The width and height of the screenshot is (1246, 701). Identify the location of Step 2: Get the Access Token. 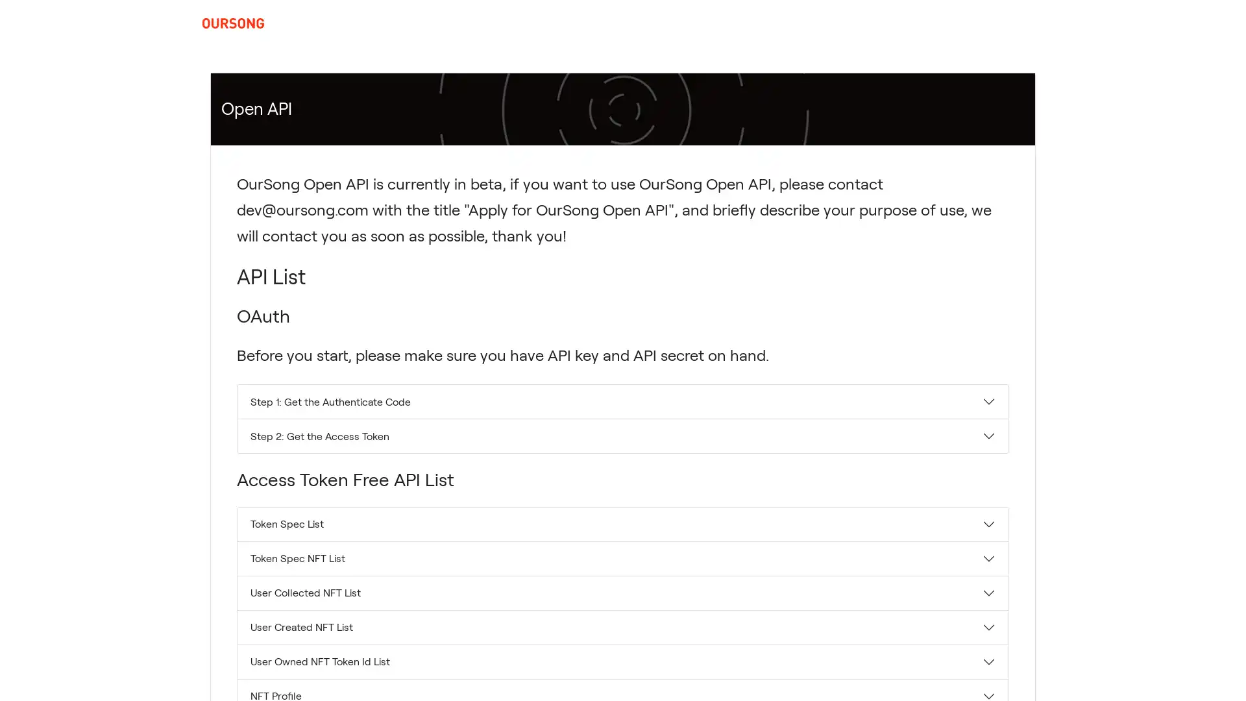
(623, 436).